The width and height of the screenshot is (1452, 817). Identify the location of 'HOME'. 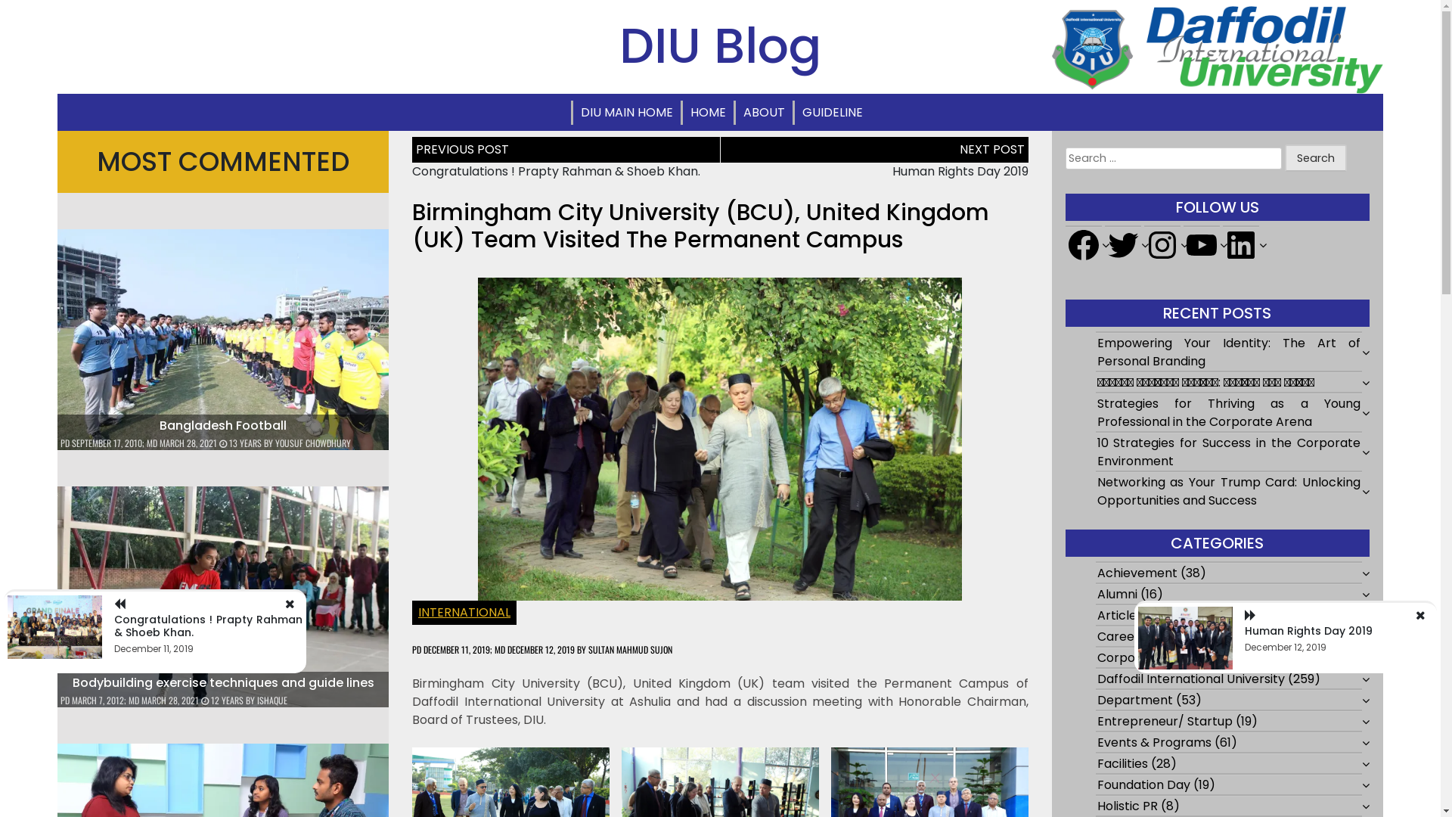
(706, 112).